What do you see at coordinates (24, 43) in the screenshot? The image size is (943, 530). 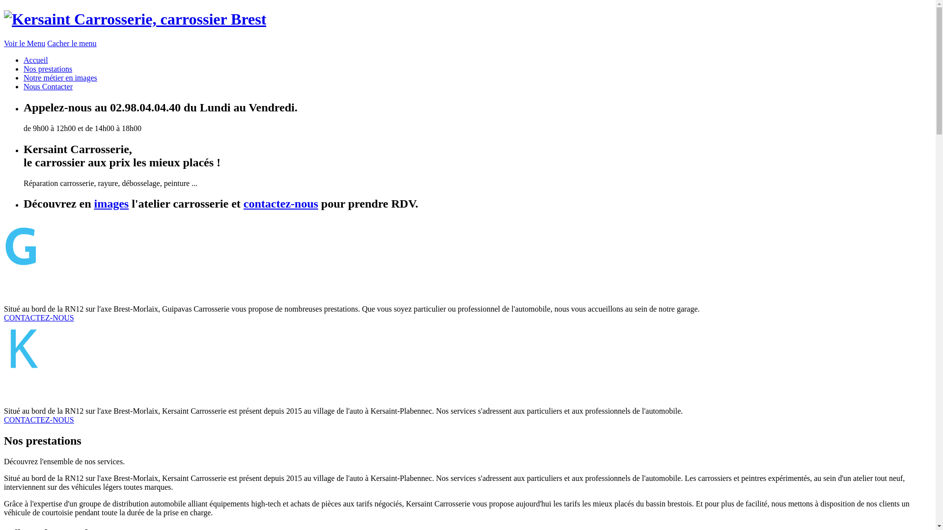 I see `'Voir le Menu'` at bounding box center [24, 43].